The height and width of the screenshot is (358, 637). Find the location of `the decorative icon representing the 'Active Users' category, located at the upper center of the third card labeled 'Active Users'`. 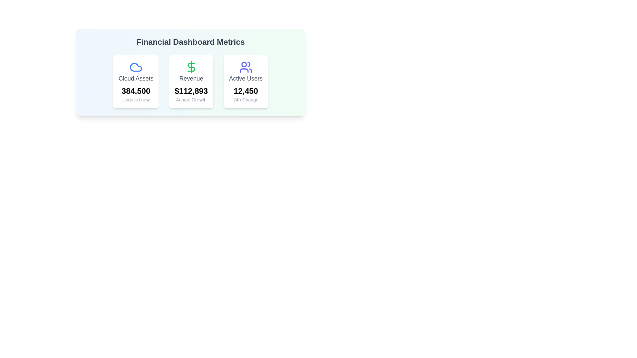

the decorative icon representing the 'Active Users' category, located at the upper center of the third card labeled 'Active Users' is located at coordinates (246, 67).